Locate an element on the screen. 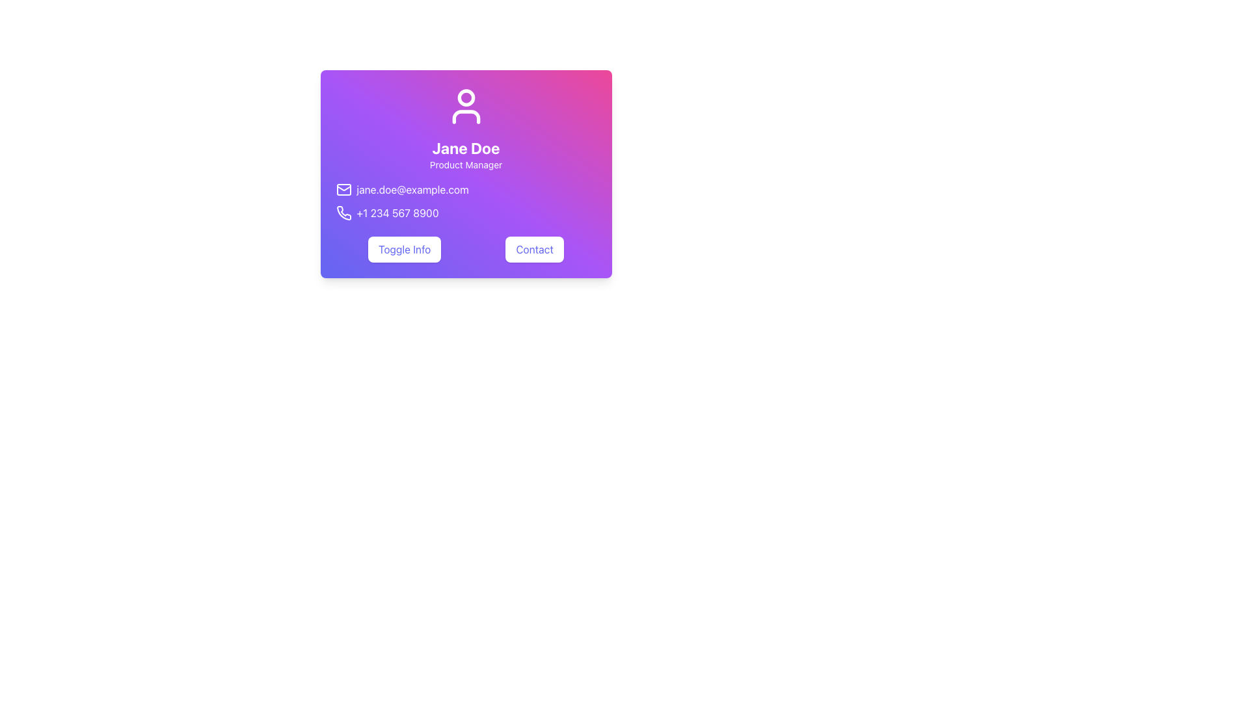 Image resolution: width=1249 pixels, height=702 pixels. the thin, slanted line forming the top edge of the envelope's flap within the email envelope icon, which is positioned above the email address label 'jane.doe@example.com' is located at coordinates (343, 188).